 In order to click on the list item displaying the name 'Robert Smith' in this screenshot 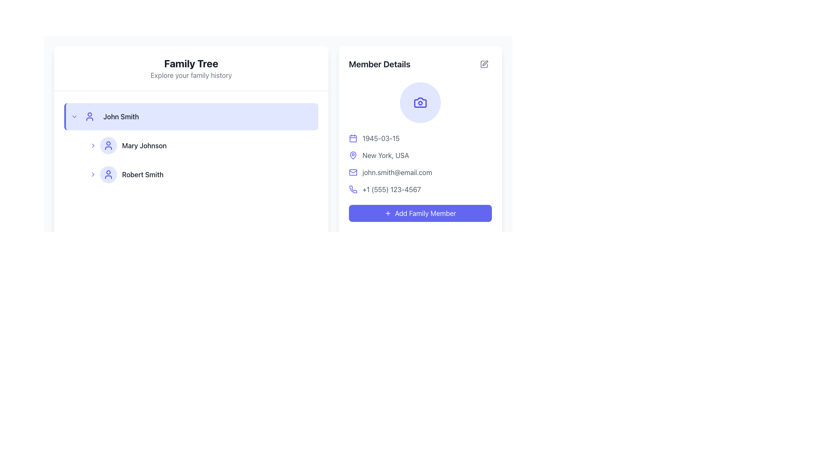, I will do `click(194, 174)`.